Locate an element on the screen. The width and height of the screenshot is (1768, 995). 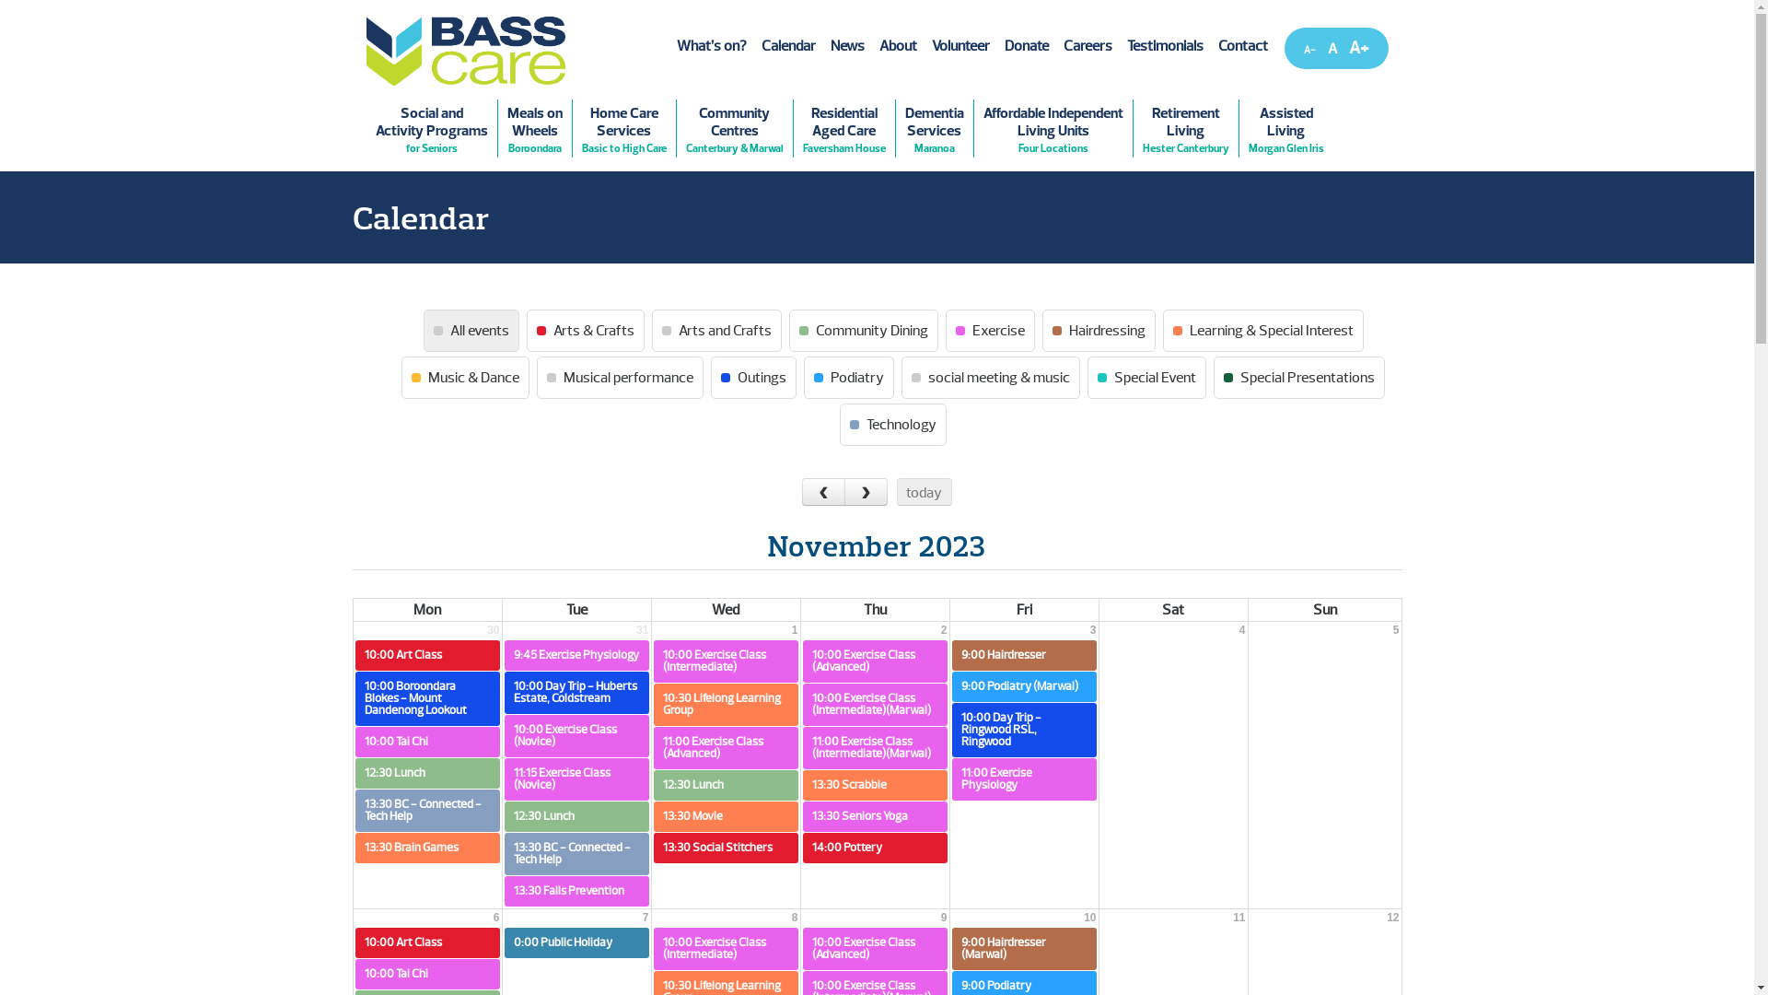
'Social and is located at coordinates (431, 127).